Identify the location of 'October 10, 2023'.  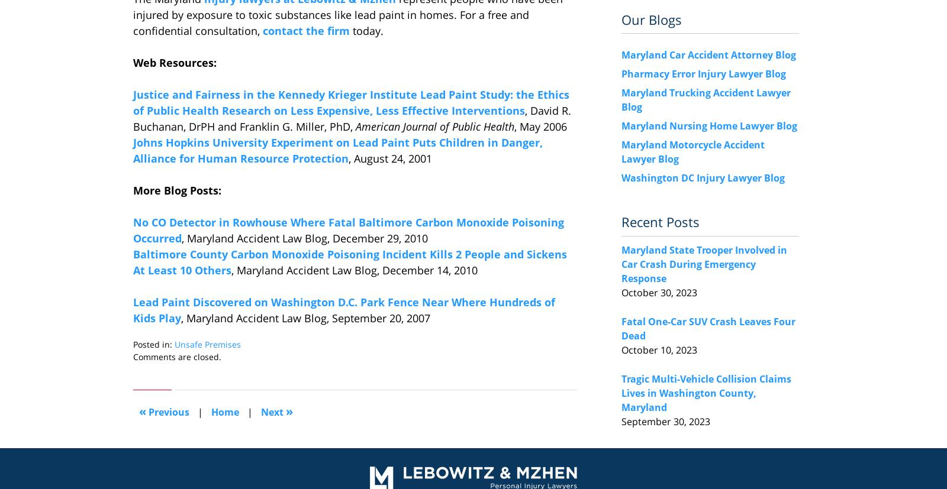
(659, 349).